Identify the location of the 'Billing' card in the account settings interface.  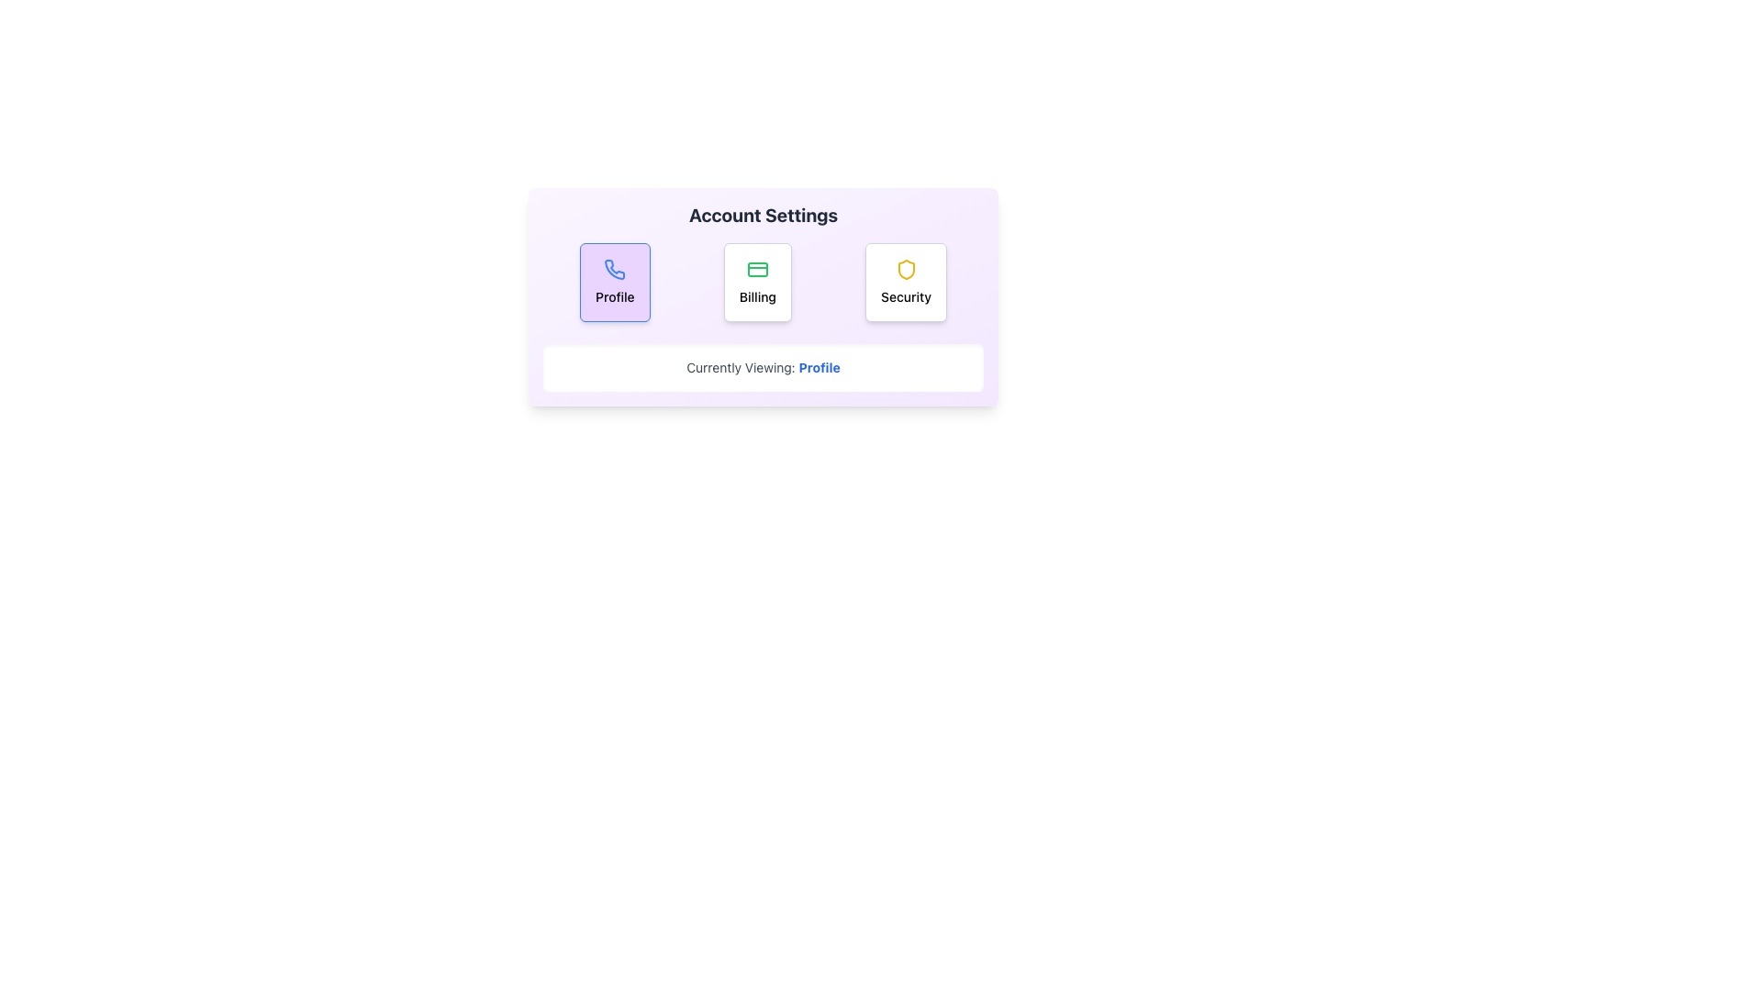
(757, 283).